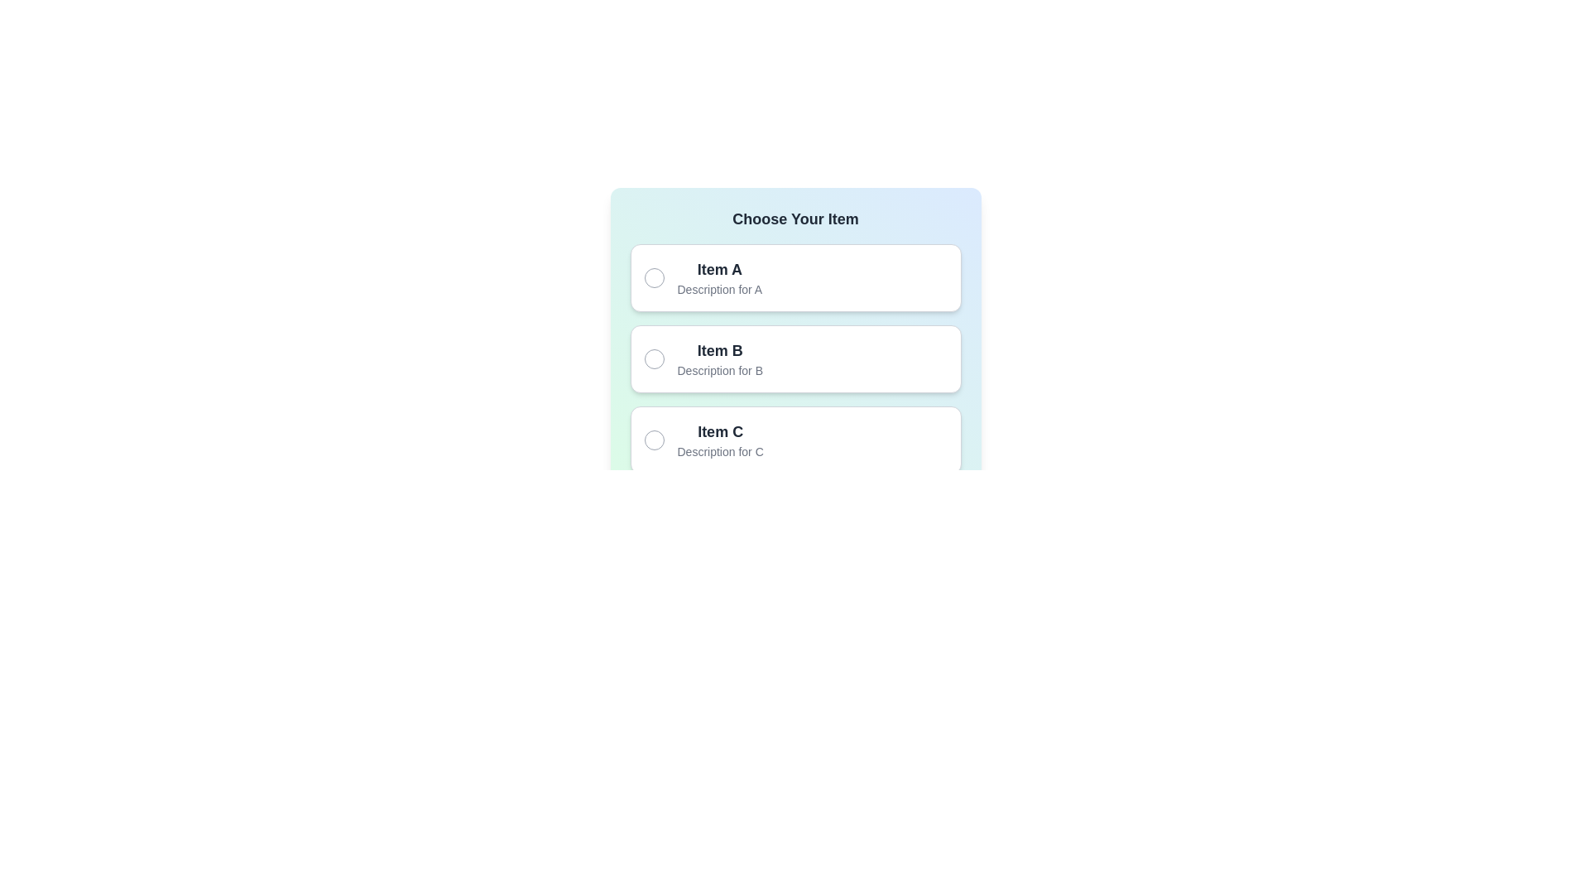  What do you see at coordinates (653, 440) in the screenshot?
I see `the radio button` at bounding box center [653, 440].